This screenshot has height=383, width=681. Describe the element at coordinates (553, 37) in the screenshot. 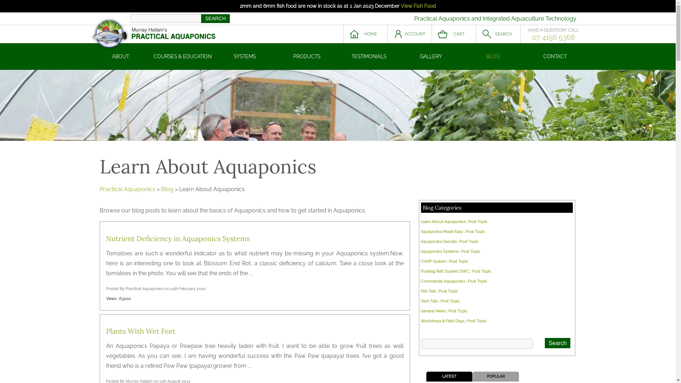

I see `'07 4156 5368'` at that location.